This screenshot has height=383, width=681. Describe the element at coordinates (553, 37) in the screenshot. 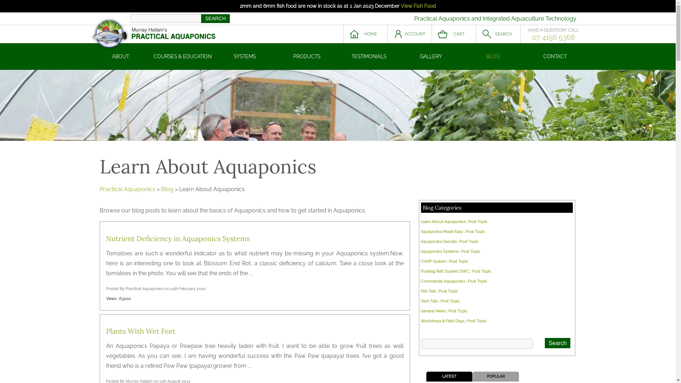

I see `'07 4156 5368'` at that location.